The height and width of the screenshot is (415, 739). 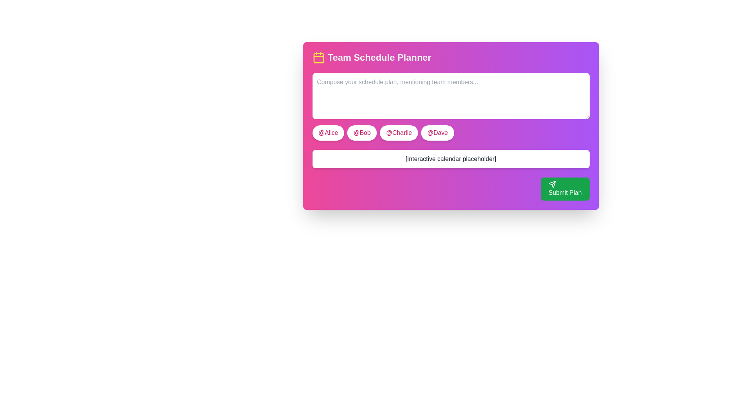 I want to click on the text in the Text input area located below the title 'Team Schedule Planner' and above the interactive team member tags, so click(x=451, y=106).